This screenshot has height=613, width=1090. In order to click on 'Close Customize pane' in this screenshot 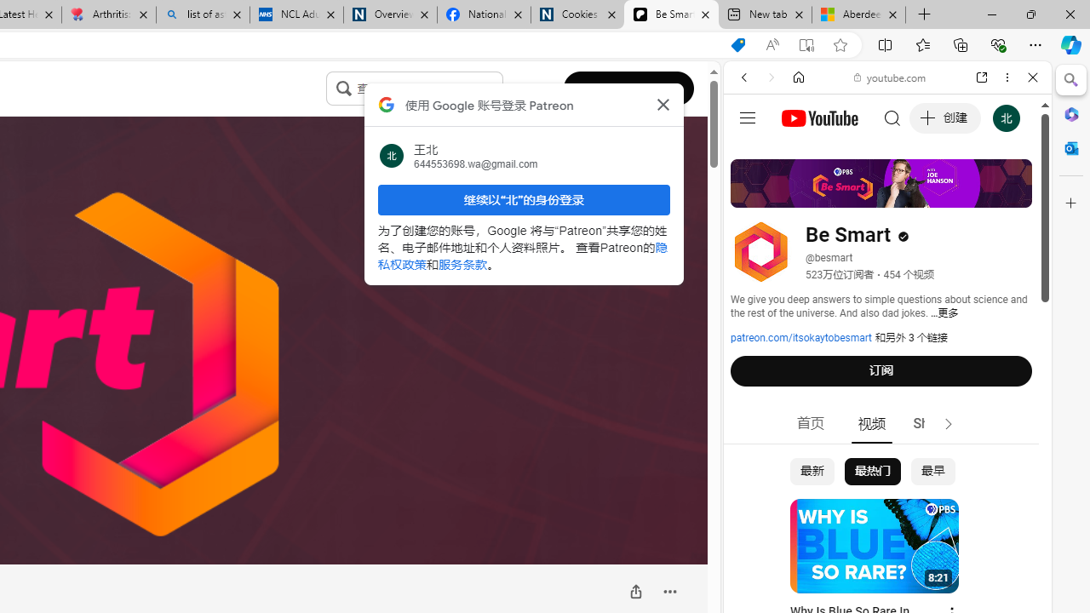, I will do `click(1070, 203)`.